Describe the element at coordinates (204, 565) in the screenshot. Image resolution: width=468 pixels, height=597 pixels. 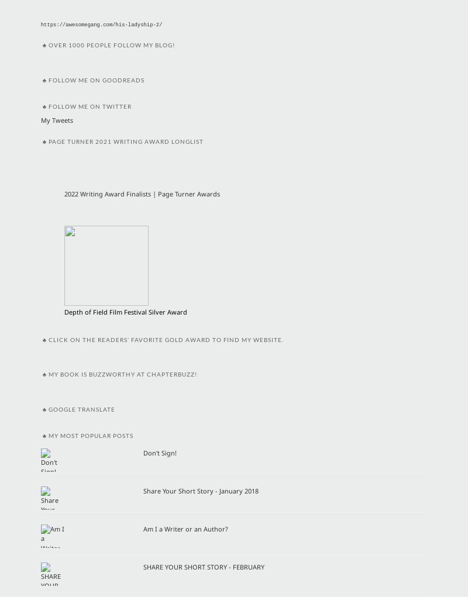
I see `'SHARE YOUR SHORT STORY - FEBRUARY'` at that location.